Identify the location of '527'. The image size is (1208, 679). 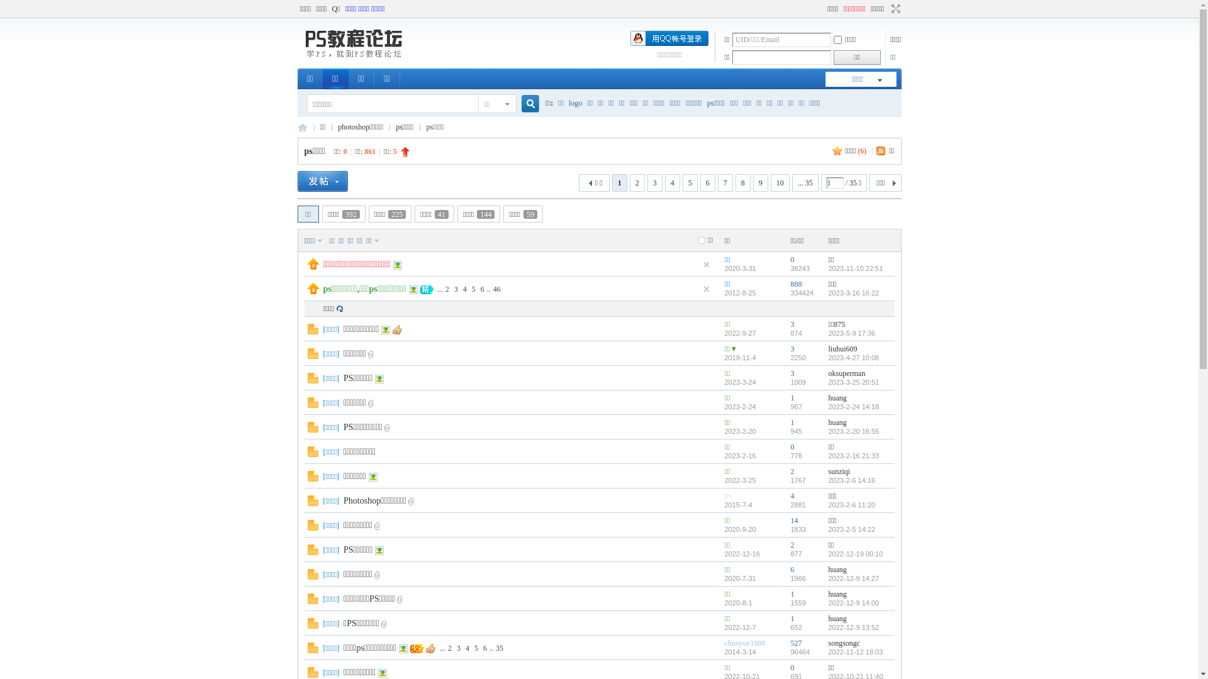
(795, 643).